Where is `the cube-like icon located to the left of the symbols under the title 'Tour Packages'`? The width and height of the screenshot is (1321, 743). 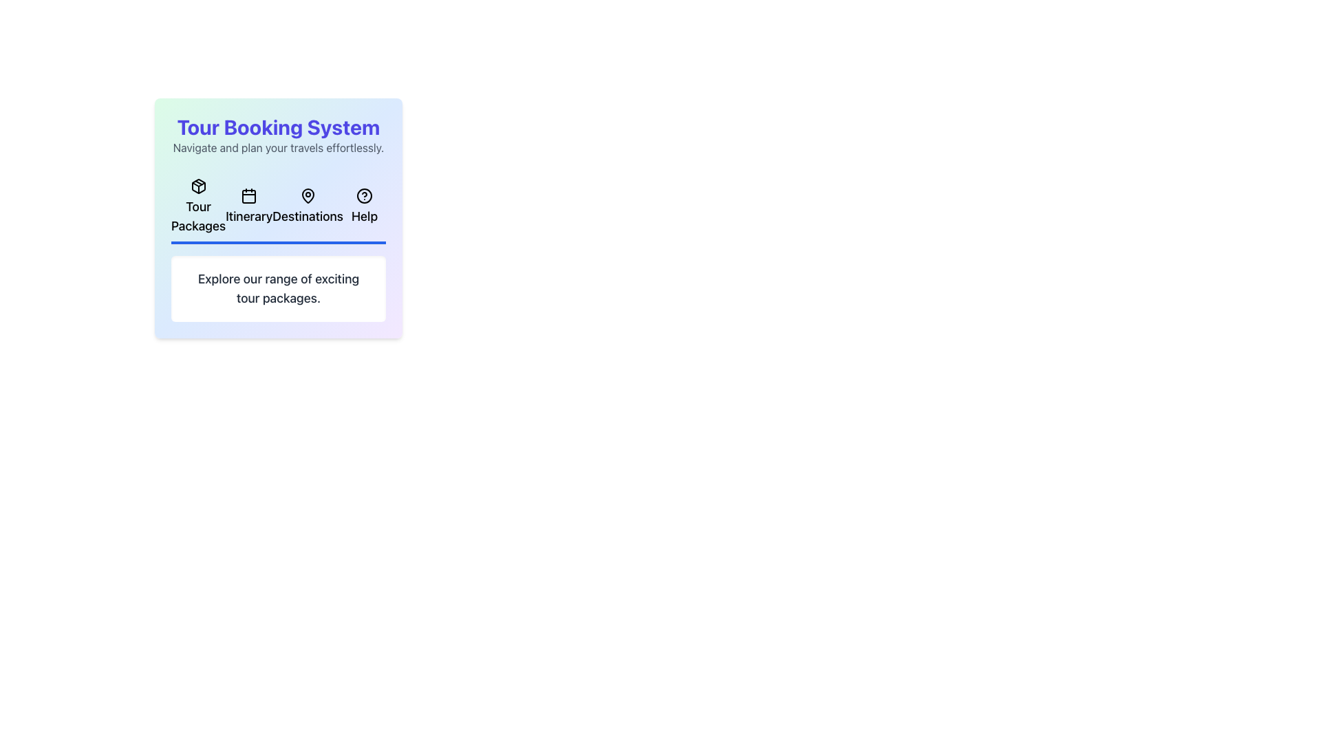
the cube-like icon located to the left of the symbols under the title 'Tour Packages' is located at coordinates (197, 186).